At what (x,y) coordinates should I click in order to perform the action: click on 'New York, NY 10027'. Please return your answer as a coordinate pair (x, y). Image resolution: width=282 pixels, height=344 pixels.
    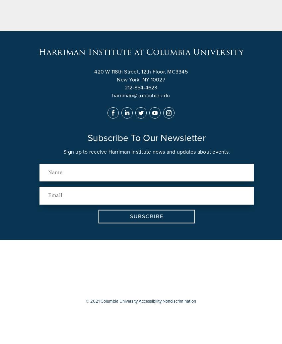
    Looking at the image, I should click on (141, 79).